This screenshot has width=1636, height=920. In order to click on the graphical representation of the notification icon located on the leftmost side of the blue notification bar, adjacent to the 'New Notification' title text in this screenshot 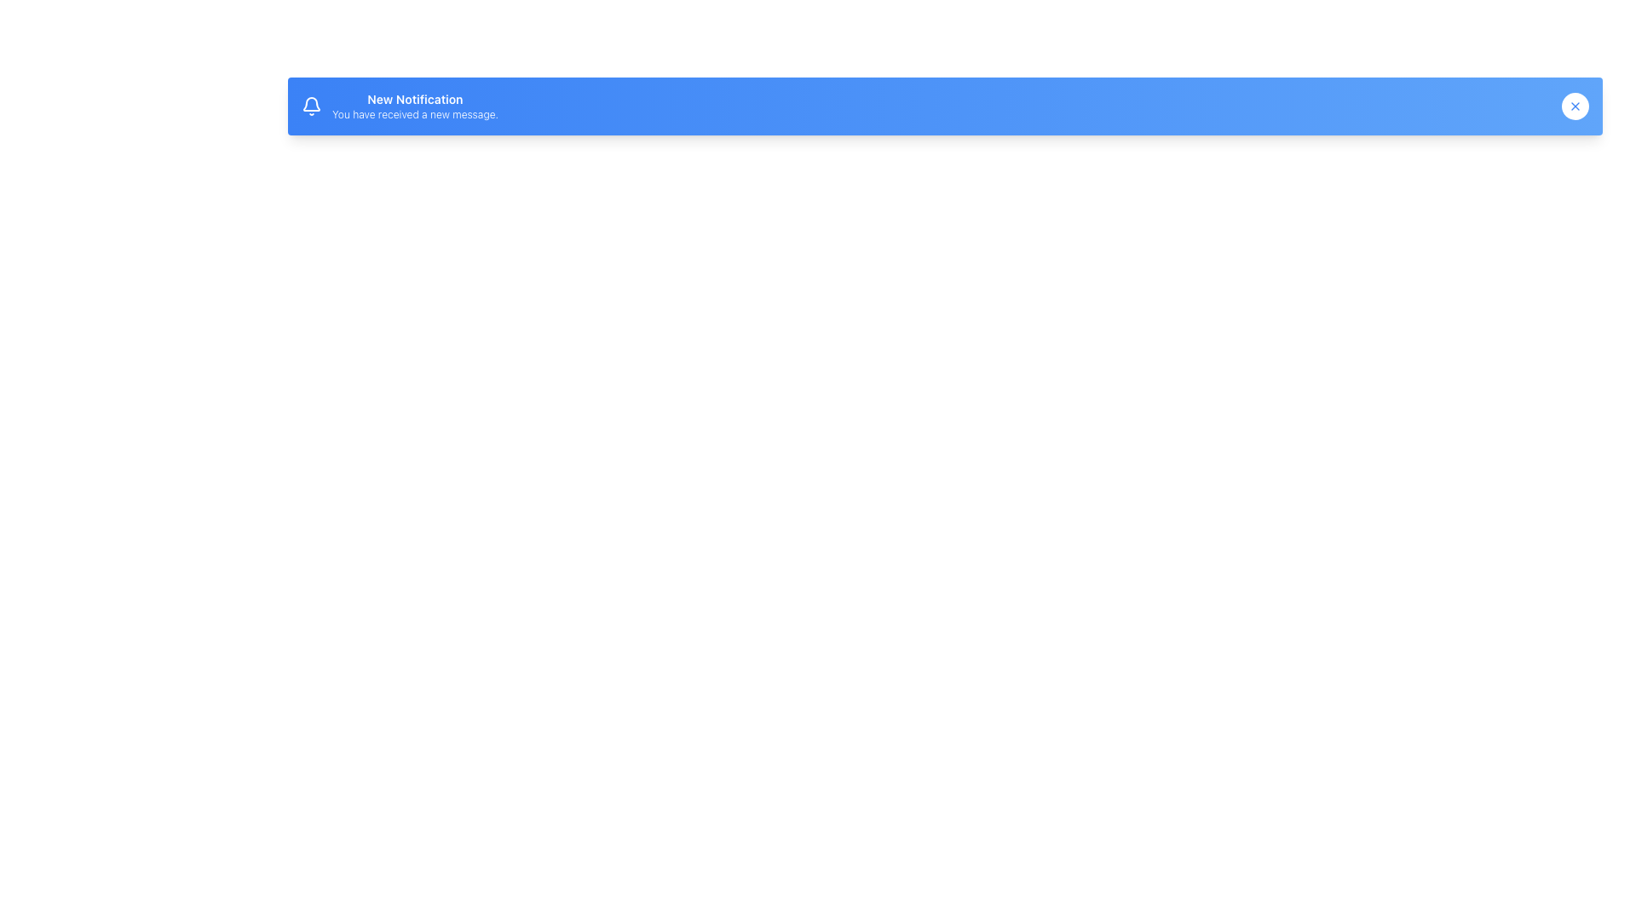, I will do `click(311, 106)`.